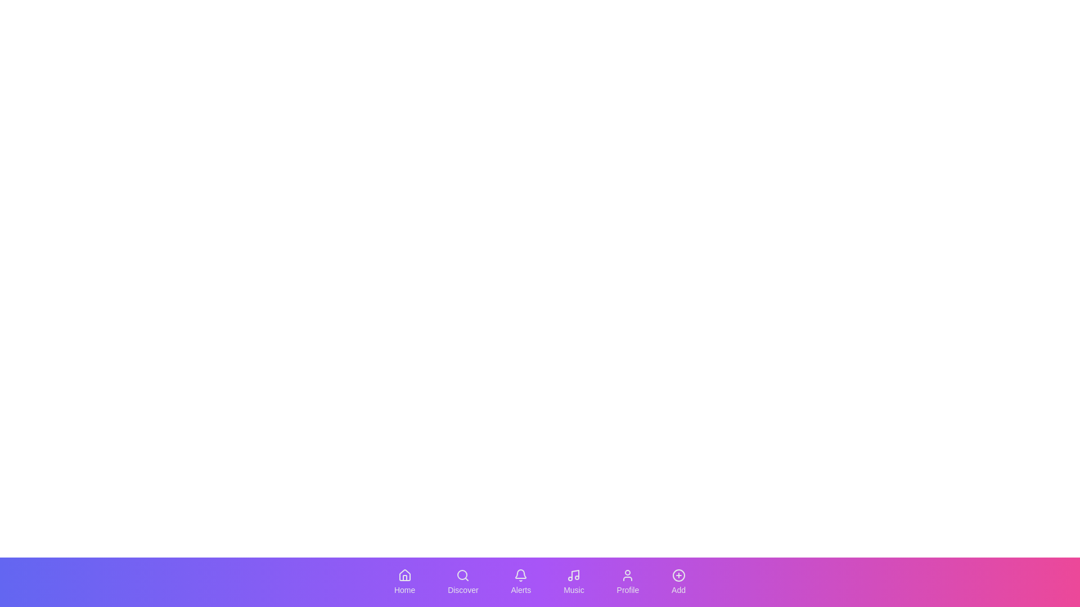 This screenshot has width=1080, height=607. What do you see at coordinates (404, 582) in the screenshot?
I see `the Home tab` at bounding box center [404, 582].